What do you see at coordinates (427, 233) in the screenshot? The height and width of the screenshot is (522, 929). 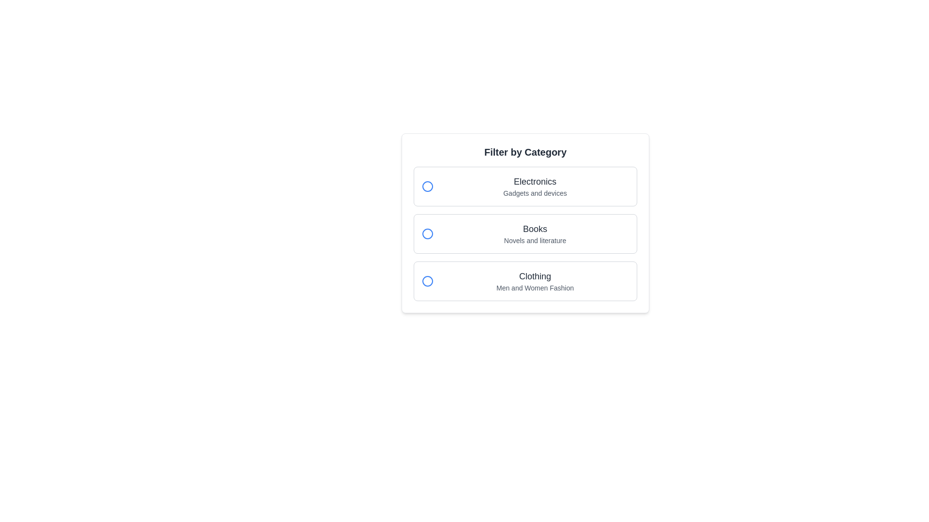 I see `the second radio button in the 'Books' category filtering interface` at bounding box center [427, 233].